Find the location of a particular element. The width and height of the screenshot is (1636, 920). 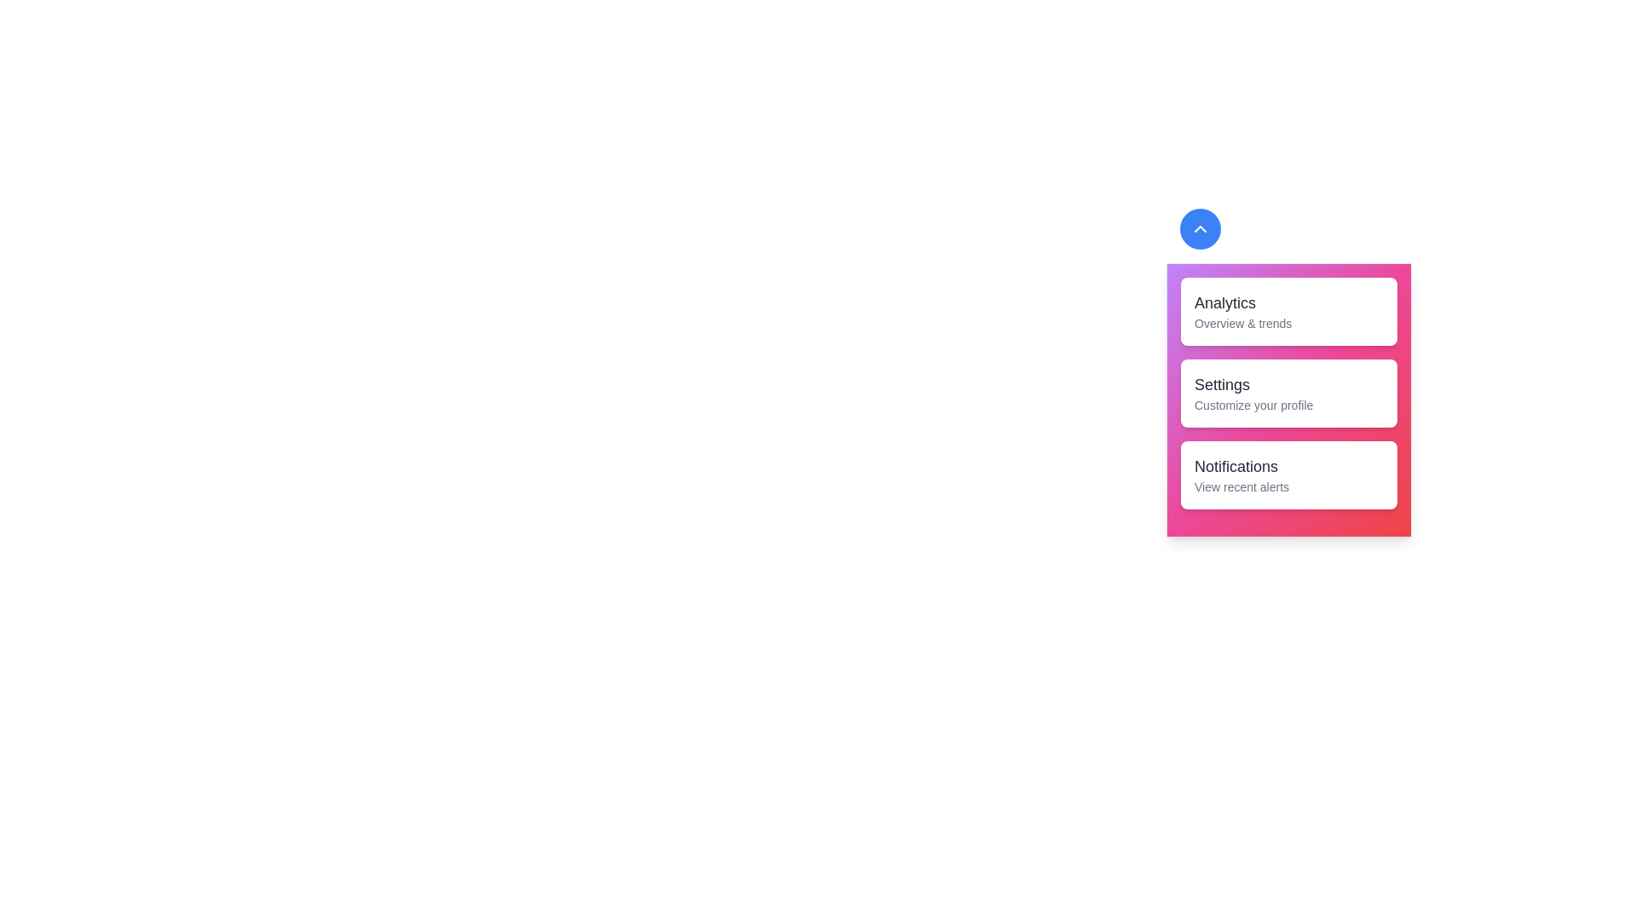

the category card labeled 'Analytics' to observe its hover effect is located at coordinates (1288, 312).